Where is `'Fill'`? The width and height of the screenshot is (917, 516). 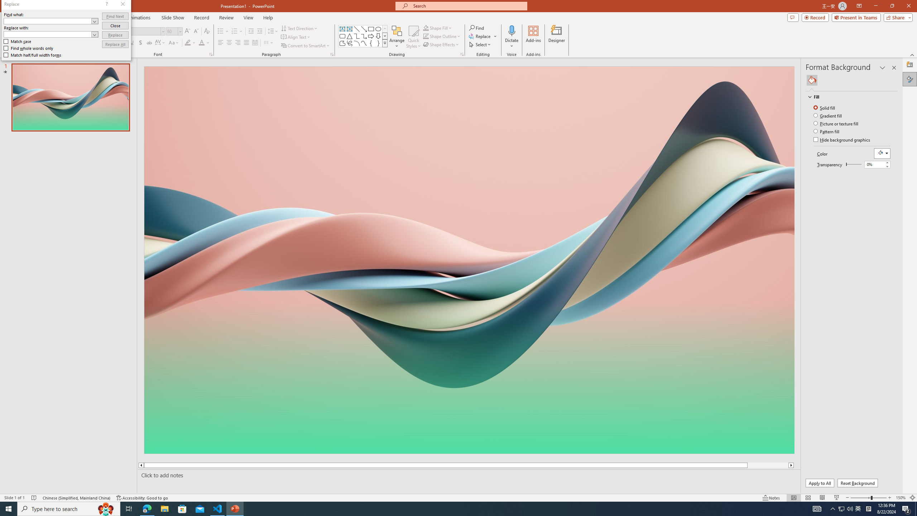 'Fill' is located at coordinates (812, 80).